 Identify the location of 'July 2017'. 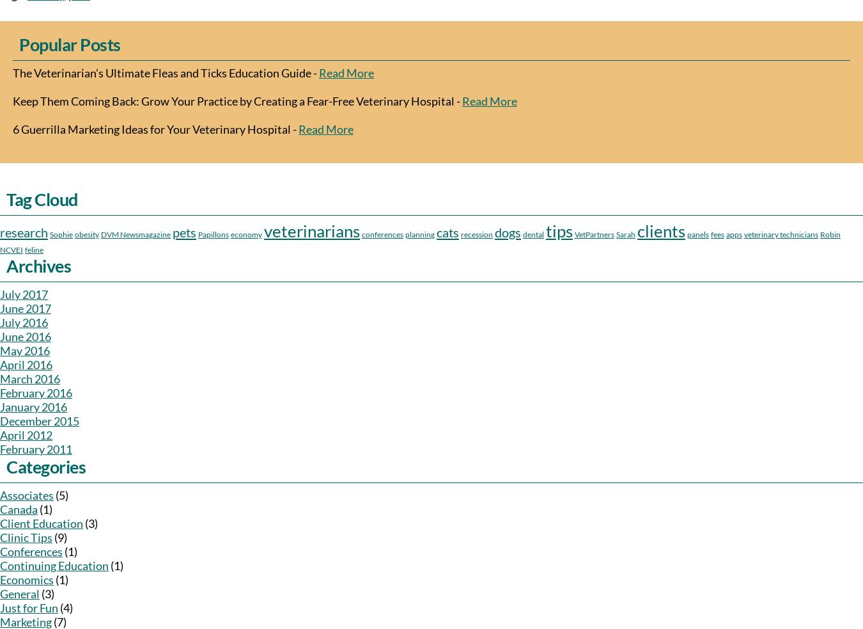
(0, 294).